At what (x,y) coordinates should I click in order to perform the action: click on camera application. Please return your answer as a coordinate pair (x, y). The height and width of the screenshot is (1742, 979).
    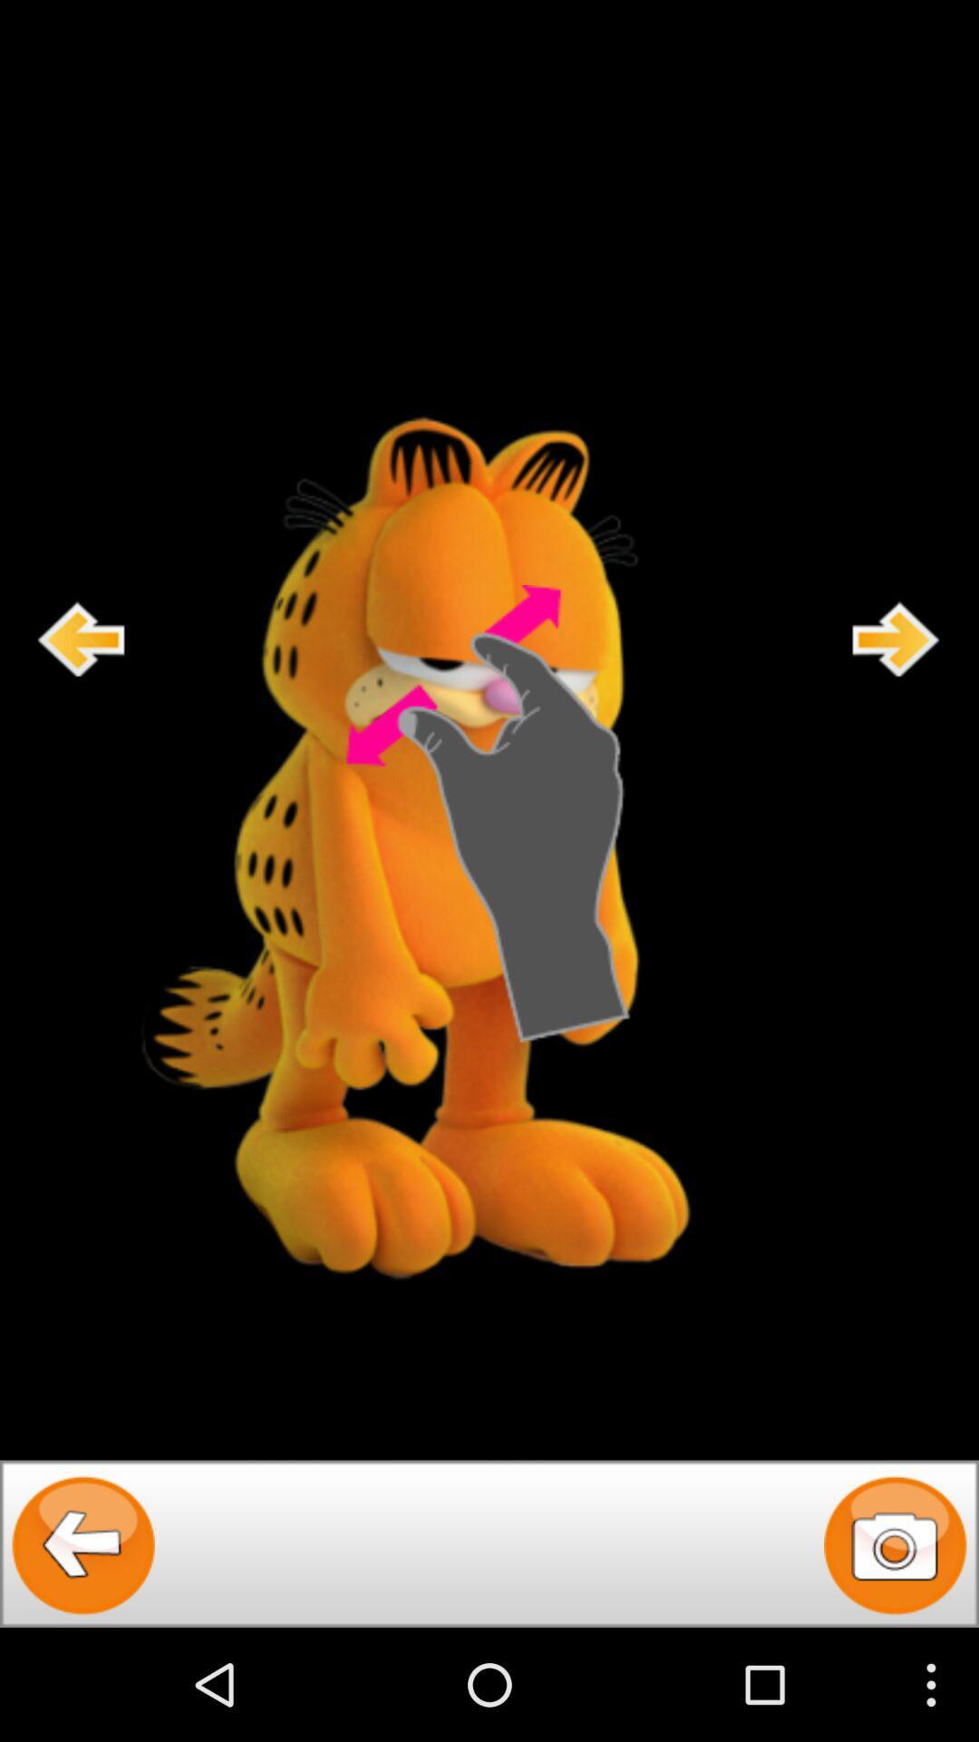
    Looking at the image, I should click on (894, 1542).